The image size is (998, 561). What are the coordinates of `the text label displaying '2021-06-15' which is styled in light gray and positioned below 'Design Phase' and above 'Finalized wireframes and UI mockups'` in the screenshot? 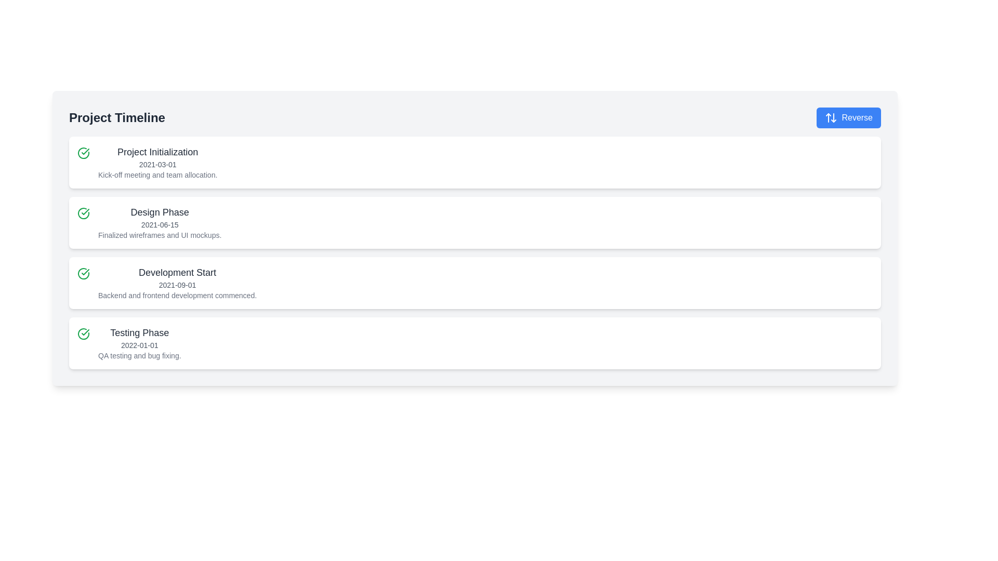 It's located at (159, 224).